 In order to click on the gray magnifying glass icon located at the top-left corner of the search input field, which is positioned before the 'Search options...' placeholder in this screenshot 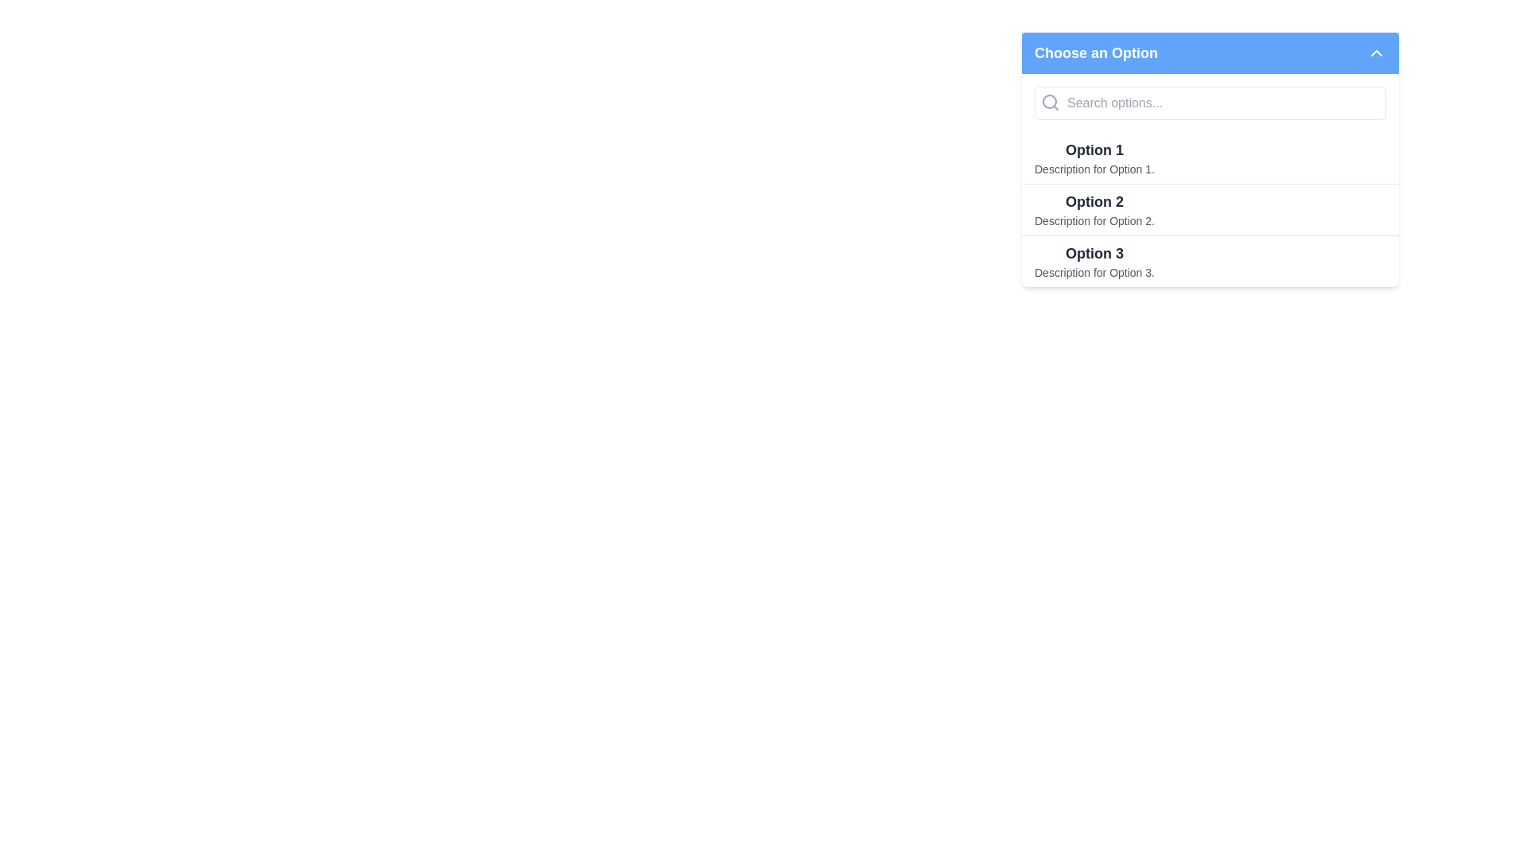, I will do `click(1050, 102)`.